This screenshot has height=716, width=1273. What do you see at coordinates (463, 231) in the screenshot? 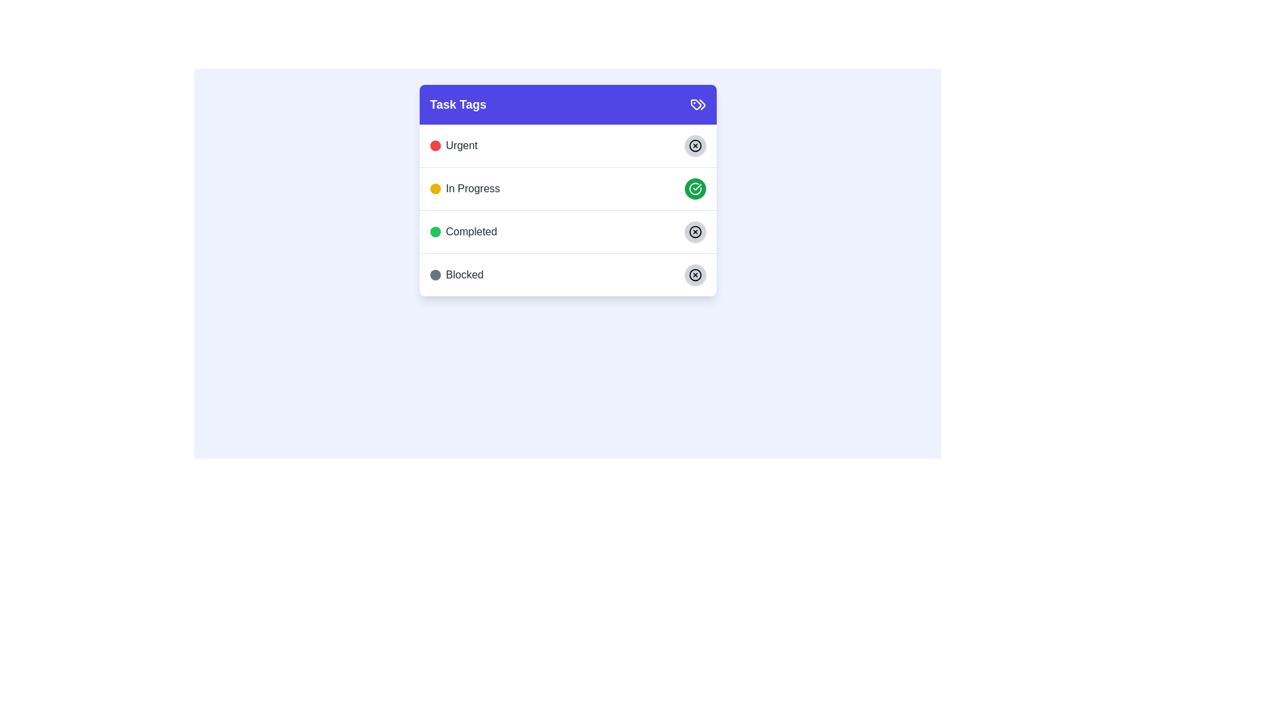
I see `the Status Indicator with Text, which consists of a green circle icon and the text 'Completed' in gray font, located in the 'Task Tags' panel as the third item in the list` at bounding box center [463, 231].